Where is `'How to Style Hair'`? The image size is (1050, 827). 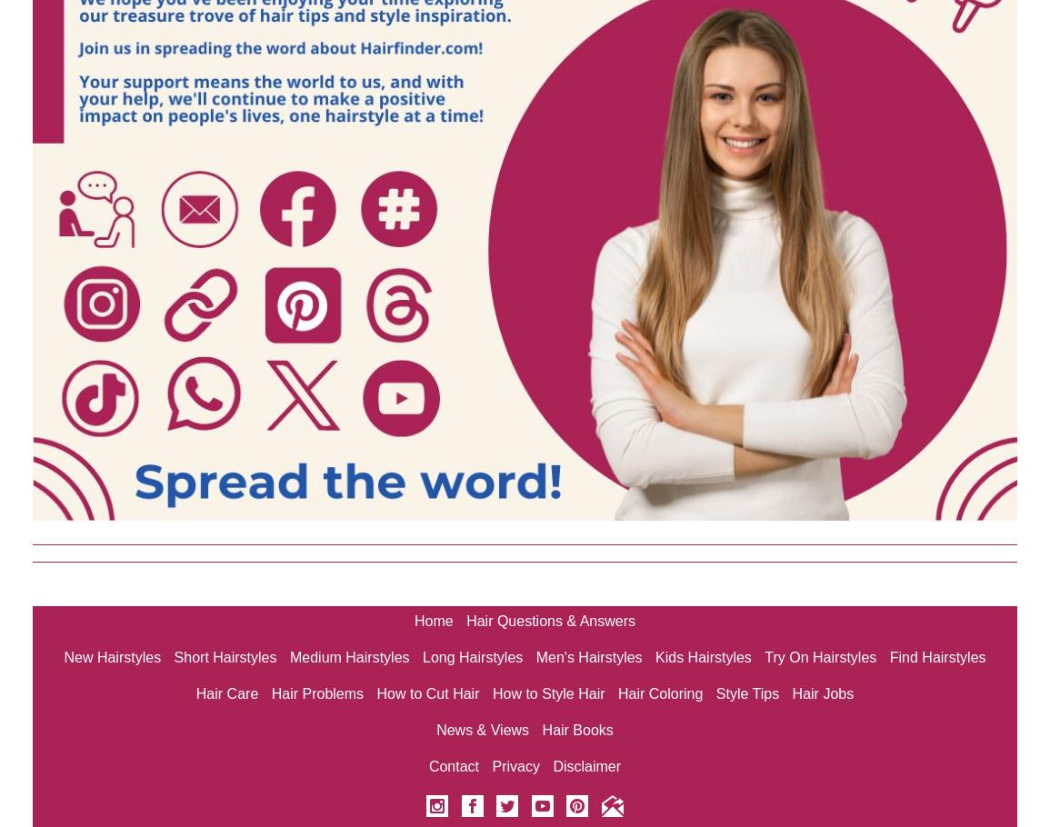 'How to Style Hair' is located at coordinates (548, 693).